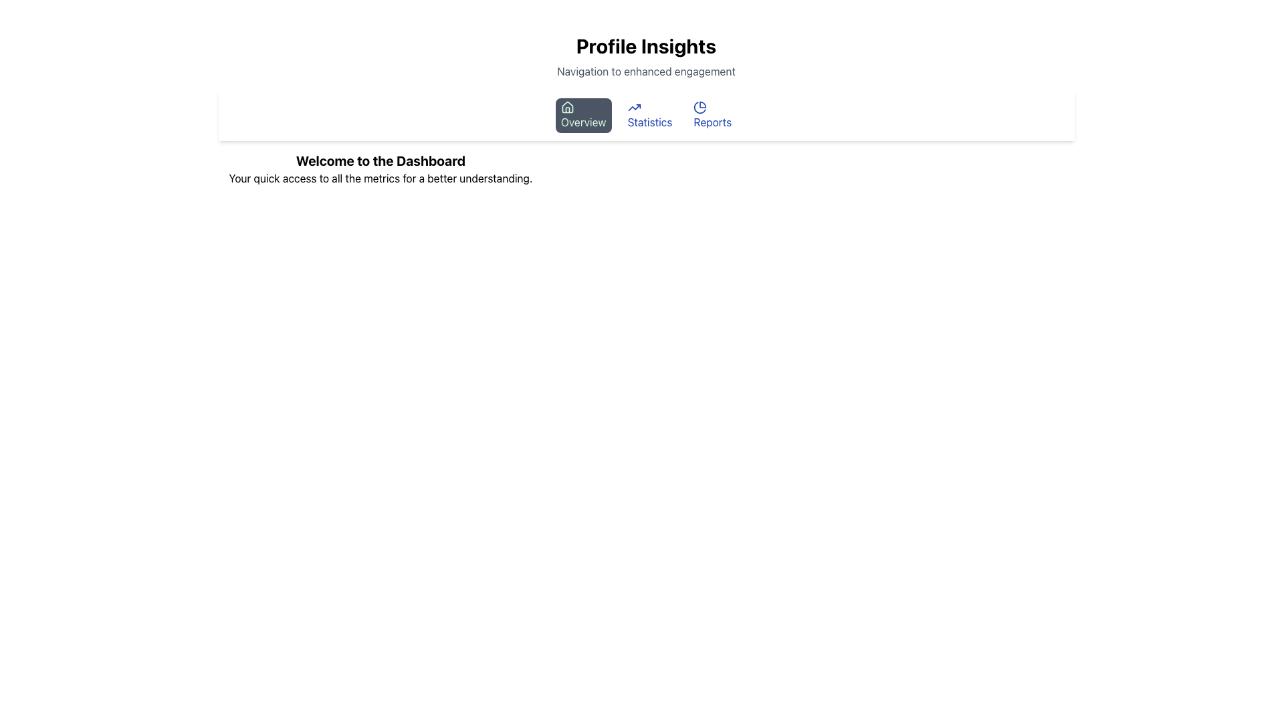  I want to click on the 'Reports' button, which is the third button in a sequence of three buttons below the 'Profile Insights' header, so click(712, 115).